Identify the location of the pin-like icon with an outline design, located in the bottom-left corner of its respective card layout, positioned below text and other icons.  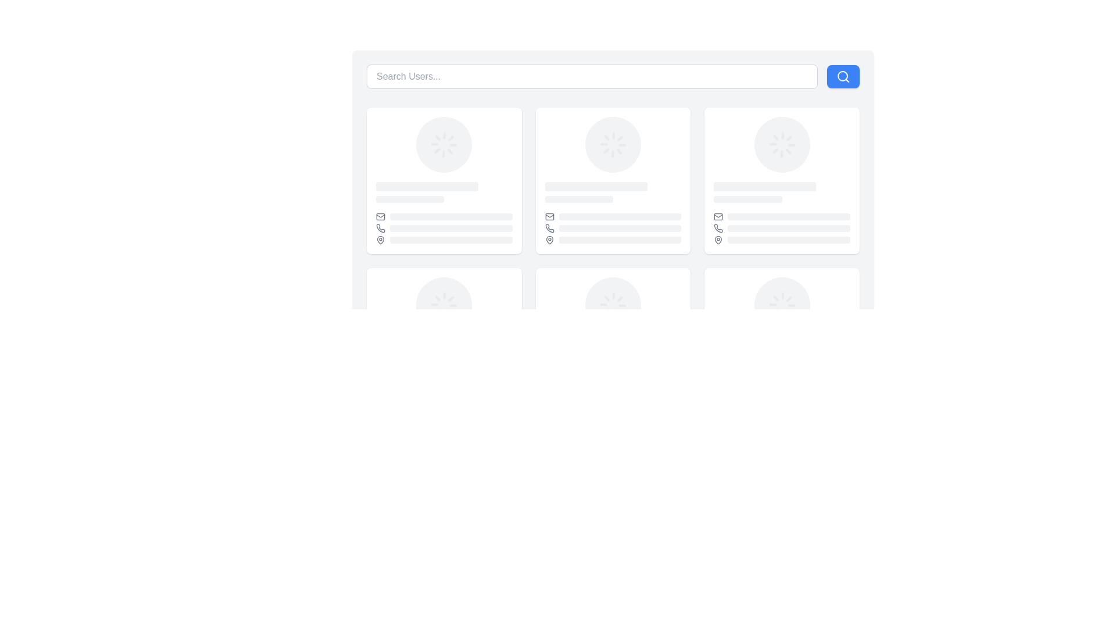
(380, 239).